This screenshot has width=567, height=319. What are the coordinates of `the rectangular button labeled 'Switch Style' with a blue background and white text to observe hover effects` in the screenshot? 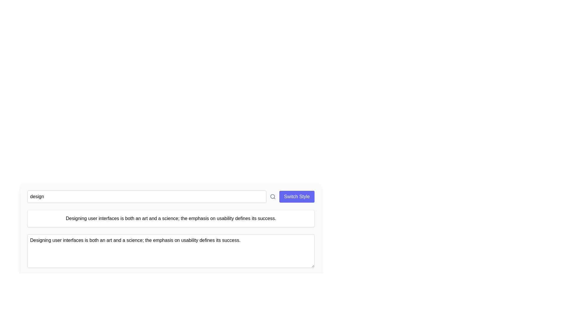 It's located at (297, 197).